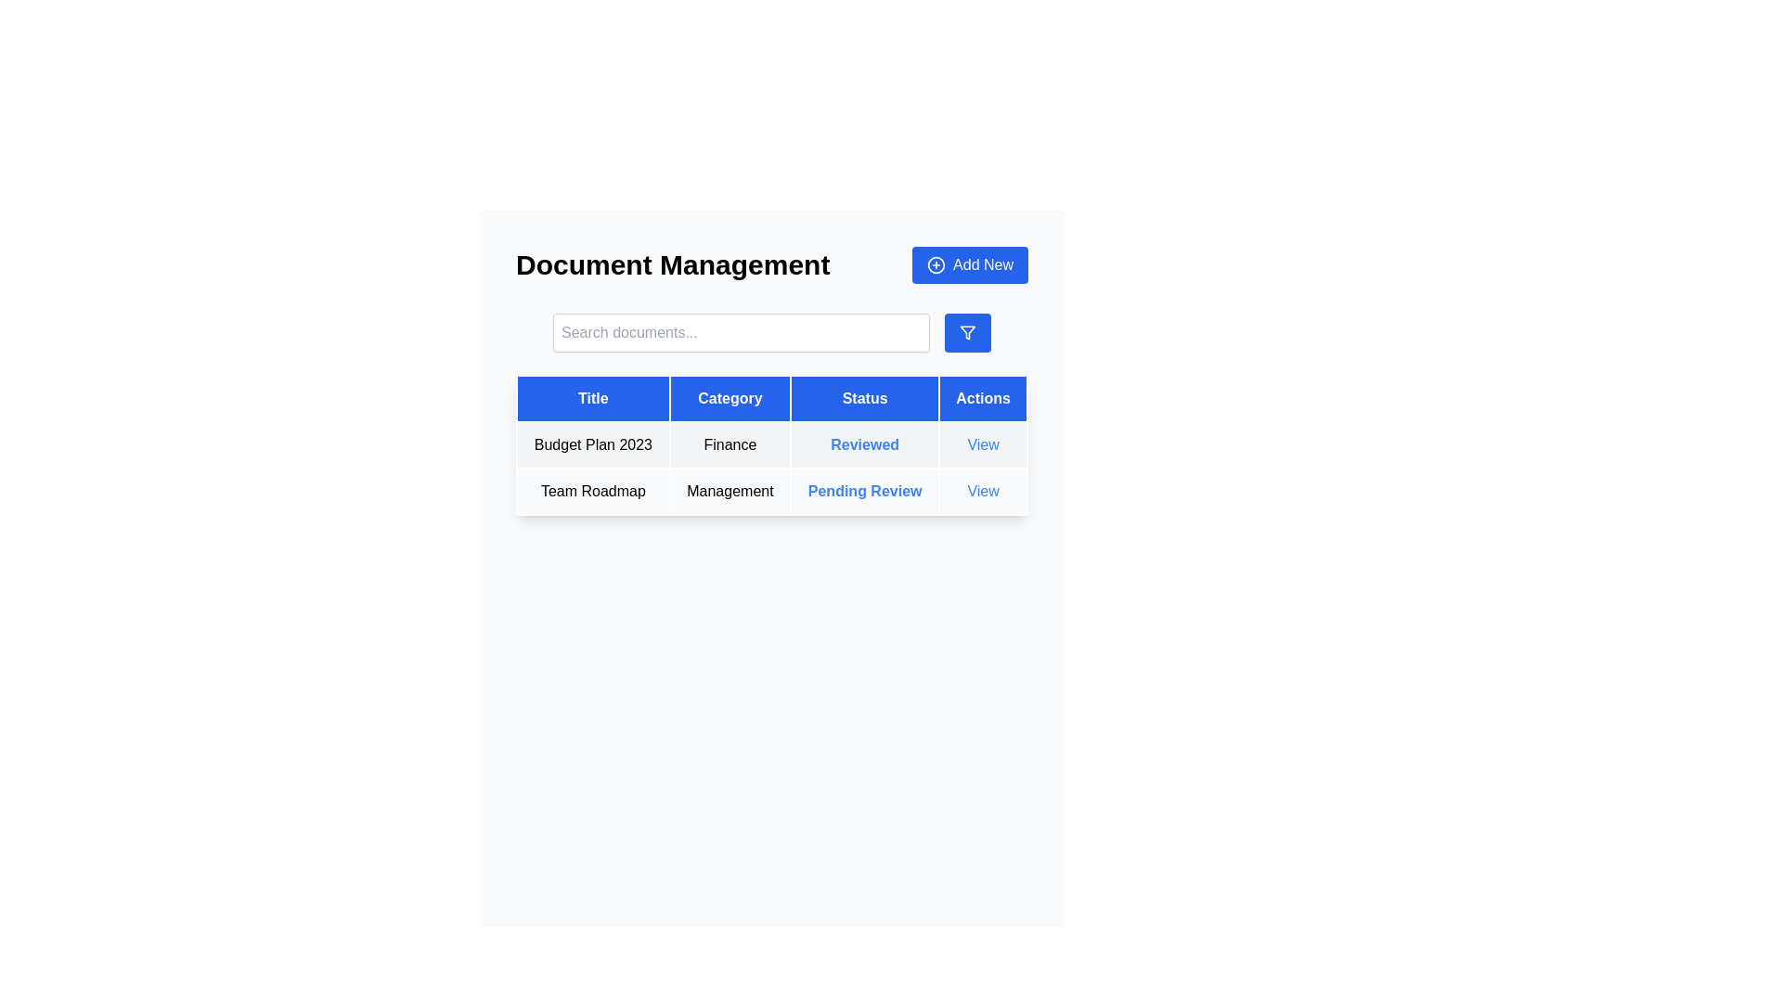 This screenshot has height=1002, width=1782. What do you see at coordinates (592, 397) in the screenshot?
I see `text of the 'Title' header cell, which is the first header in a table that categorizes the following rows' data` at bounding box center [592, 397].